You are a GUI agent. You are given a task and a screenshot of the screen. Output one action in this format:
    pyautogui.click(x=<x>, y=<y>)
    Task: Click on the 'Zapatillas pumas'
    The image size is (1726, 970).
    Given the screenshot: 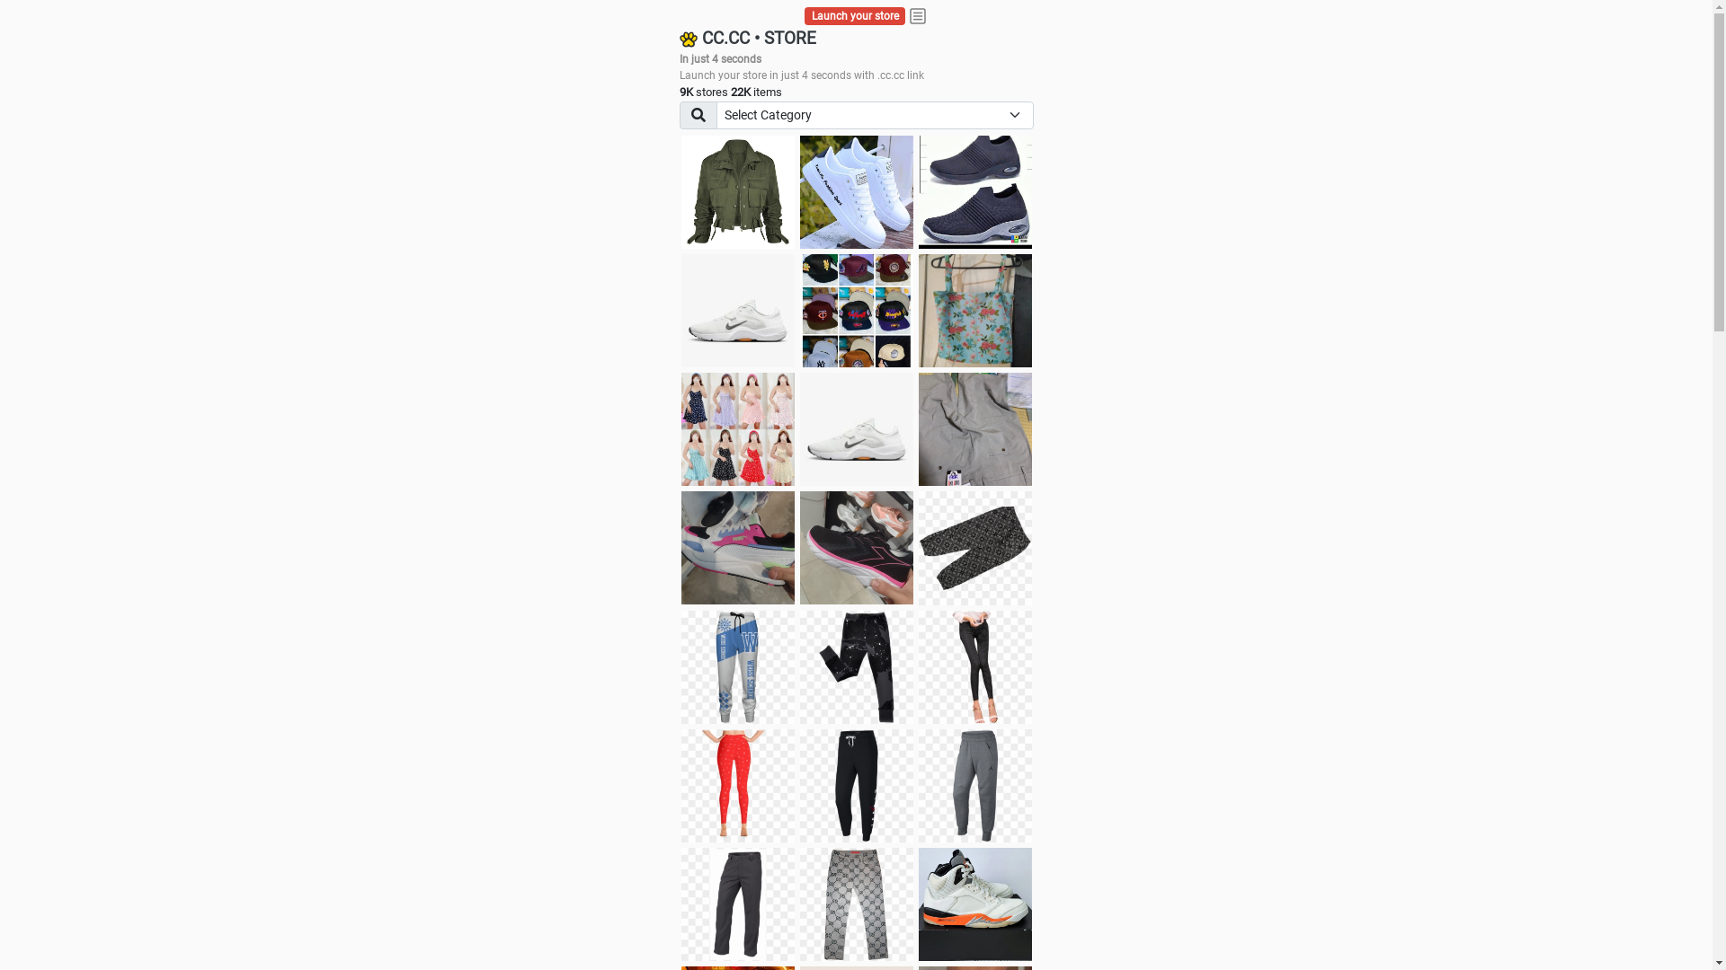 What is the action you would take?
    pyautogui.click(x=681, y=546)
    